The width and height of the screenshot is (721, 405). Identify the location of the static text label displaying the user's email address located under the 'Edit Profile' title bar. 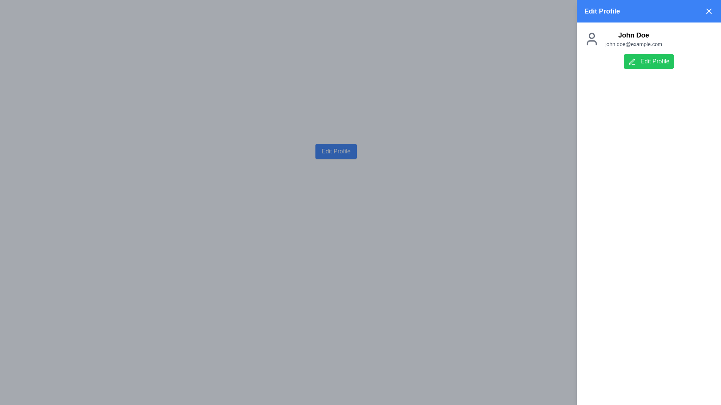
(633, 44).